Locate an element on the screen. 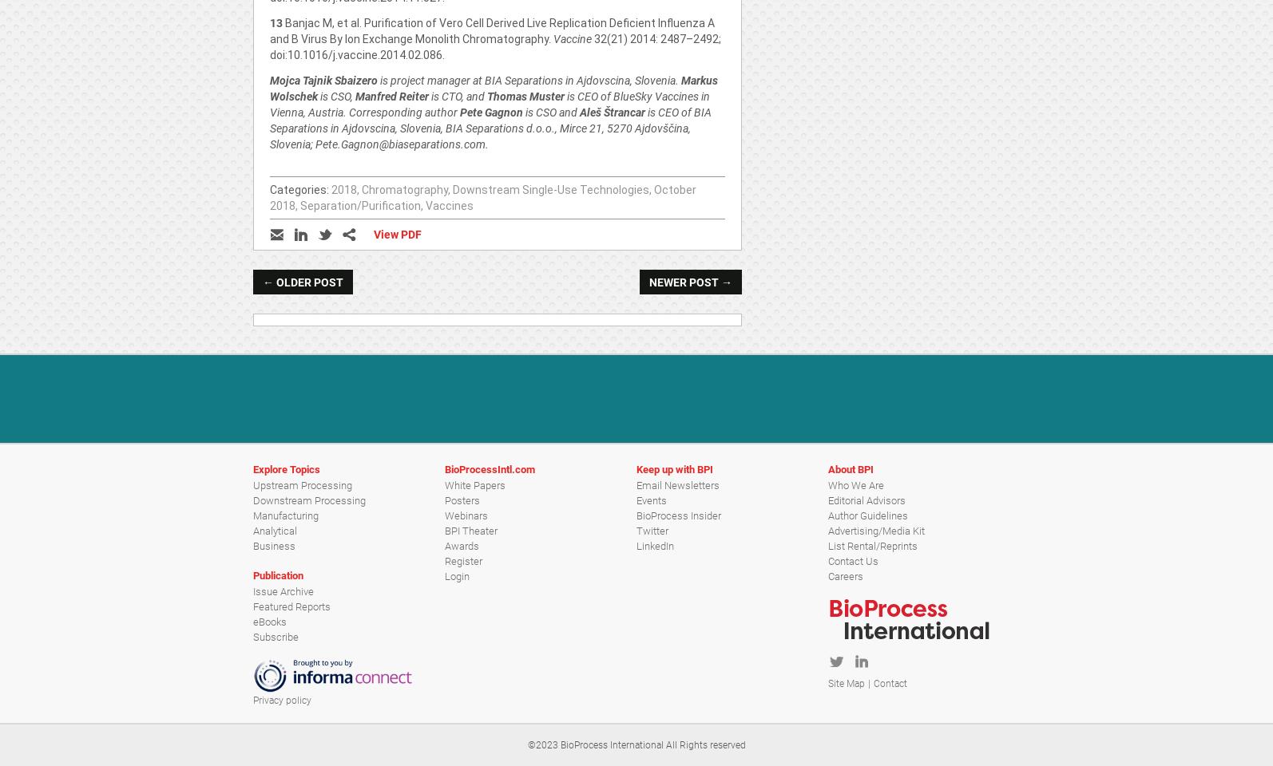  'Webinars' is located at coordinates (466, 514).